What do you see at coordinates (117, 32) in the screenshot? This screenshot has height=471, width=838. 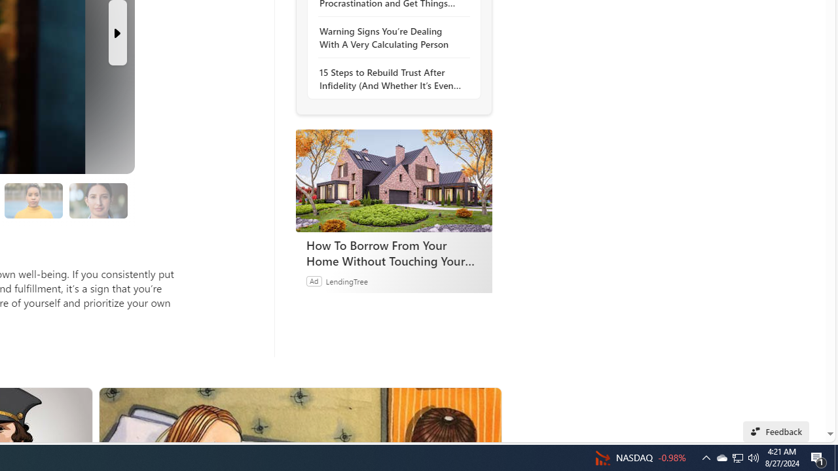 I see `'Next Slide'` at bounding box center [117, 32].